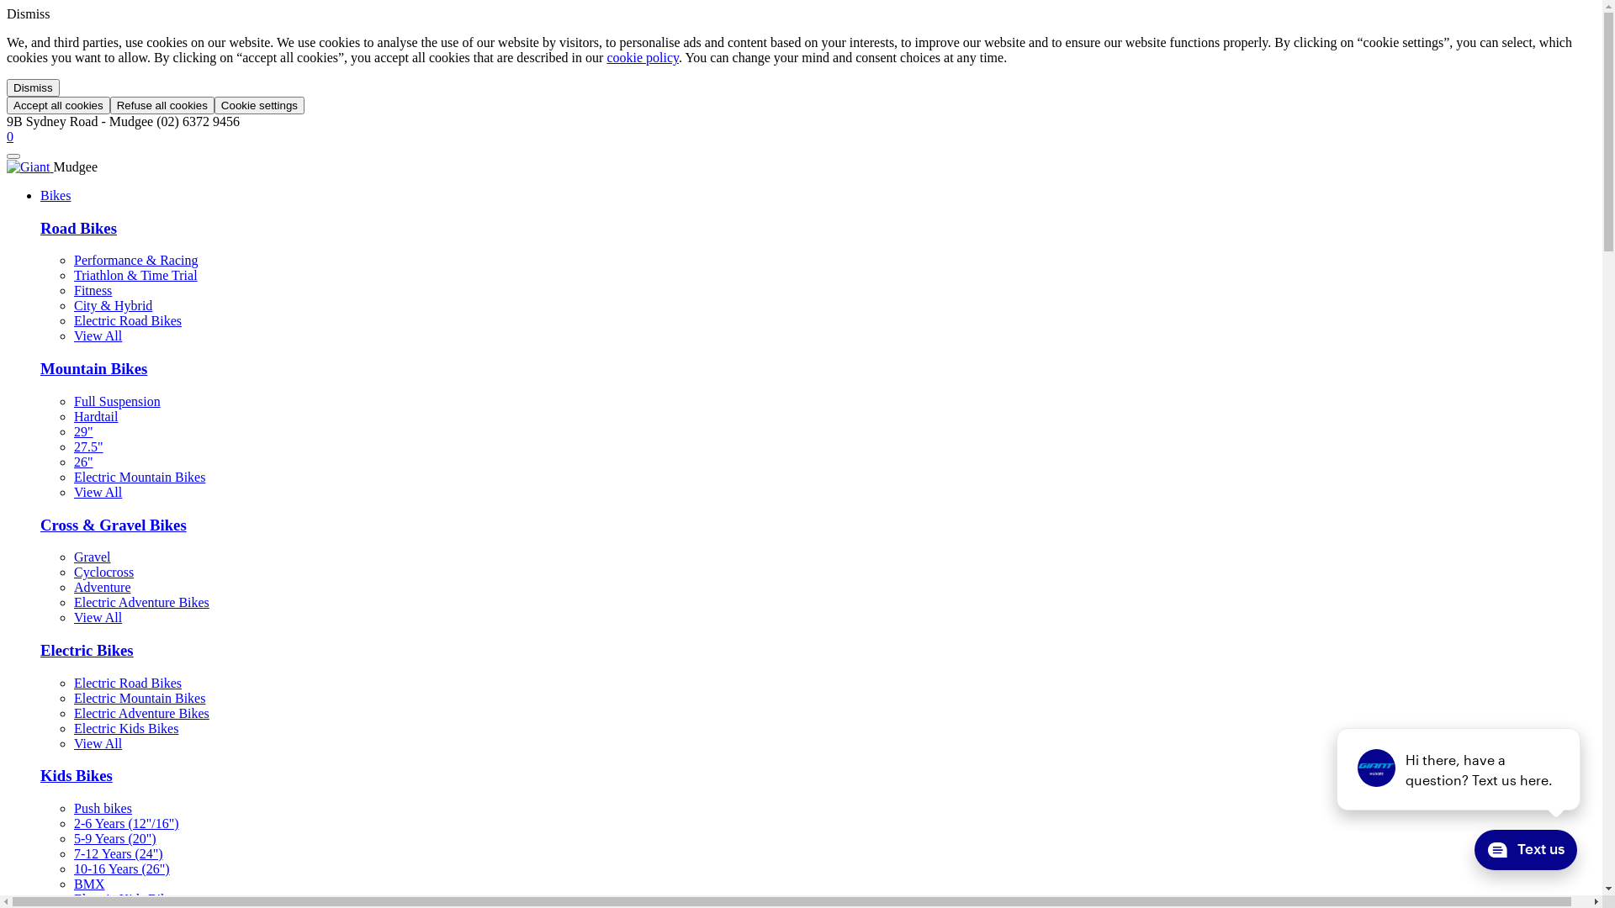 The height and width of the screenshot is (908, 1615). I want to click on '29"', so click(82, 430).